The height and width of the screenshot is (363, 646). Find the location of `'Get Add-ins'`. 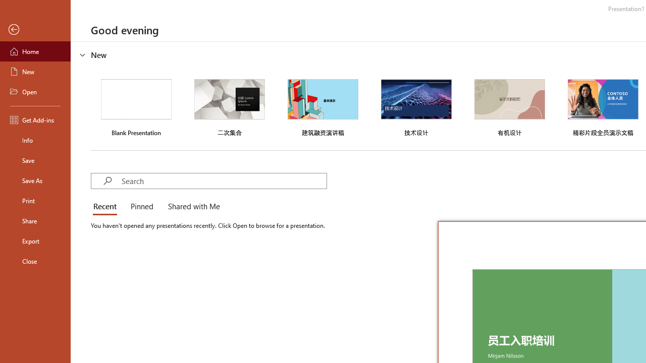

'Get Add-ins' is located at coordinates (35, 119).